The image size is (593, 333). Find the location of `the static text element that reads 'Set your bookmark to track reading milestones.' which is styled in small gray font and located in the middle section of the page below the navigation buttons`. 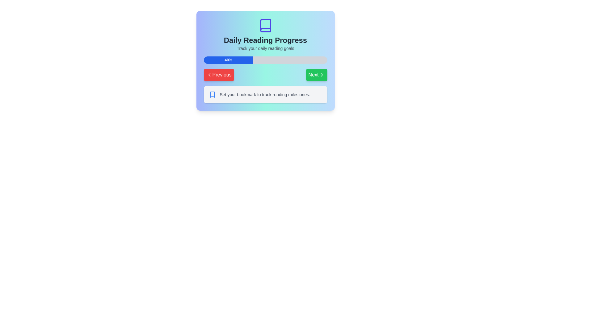

the static text element that reads 'Set your bookmark to track reading milestones.' which is styled in small gray font and located in the middle section of the page below the navigation buttons is located at coordinates (265, 95).